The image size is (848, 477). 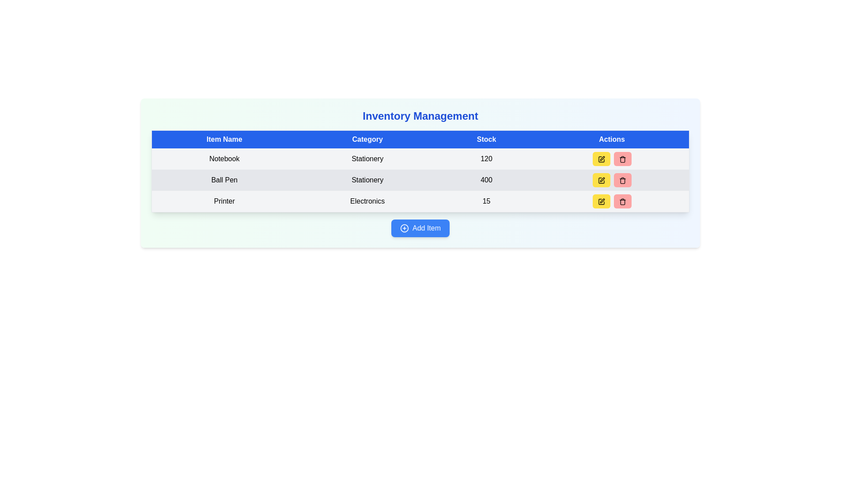 What do you see at coordinates (602, 201) in the screenshot?
I see `the icon-based button resembling a pen or pencil in the 'Actions' column of the third row for the 'Printer' item` at bounding box center [602, 201].